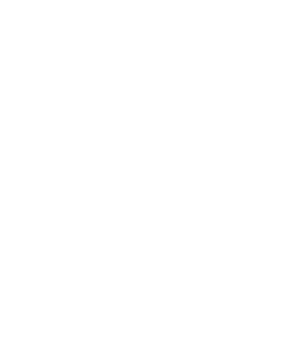  What do you see at coordinates (50, 125) in the screenshot?
I see `'Advisory'` at bounding box center [50, 125].